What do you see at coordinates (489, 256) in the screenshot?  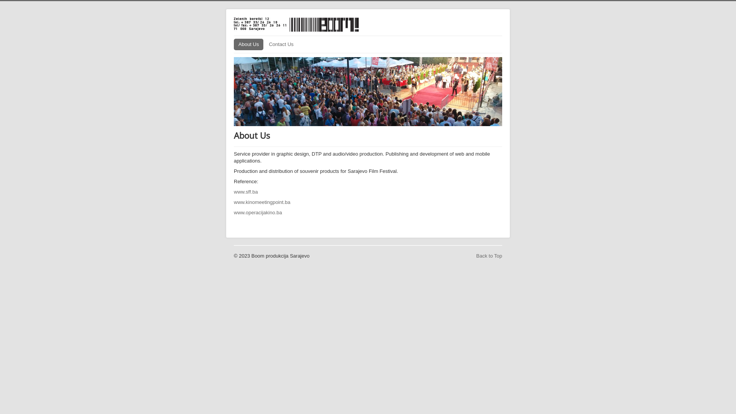 I see `'Back to Top'` at bounding box center [489, 256].